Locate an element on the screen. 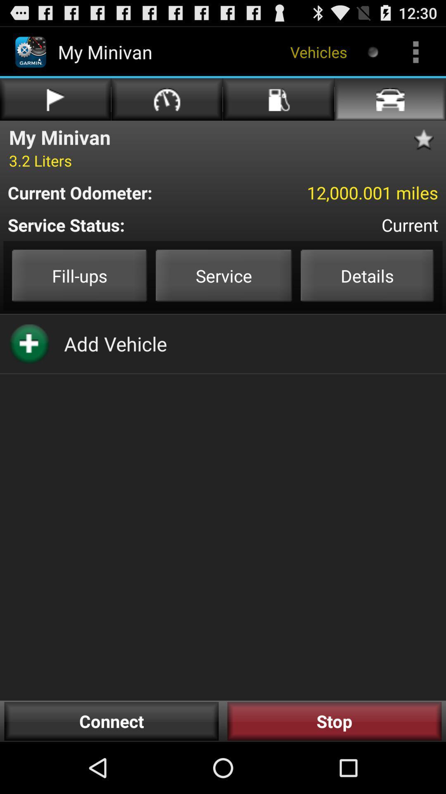  app below the service status: item is located at coordinates (79, 275).